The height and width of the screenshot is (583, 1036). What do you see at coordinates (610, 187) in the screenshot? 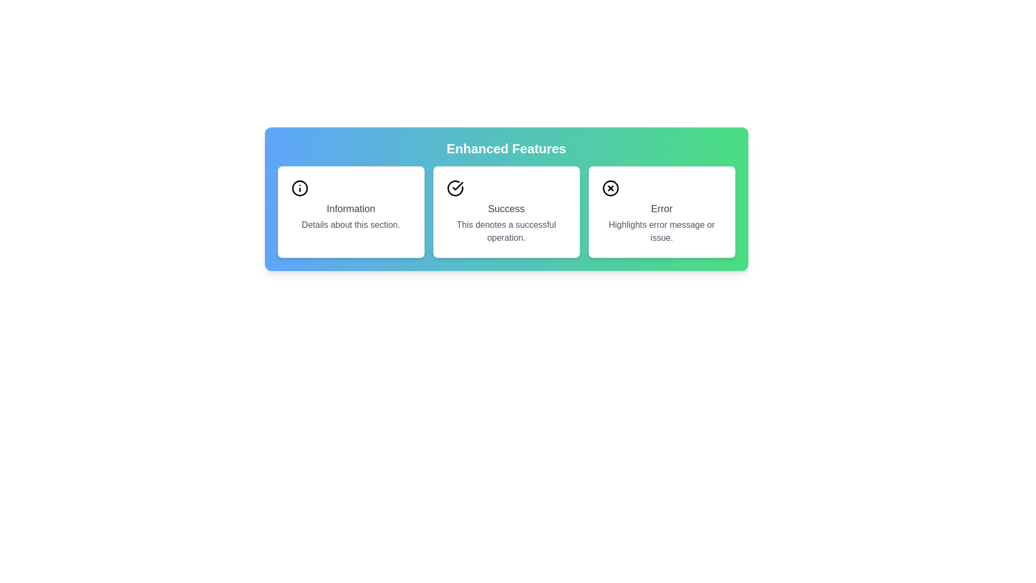
I see `the circular vector graphic element located to the left of the text 'Error' in the rightmost card of the triplet group under 'Enhanced Features'` at bounding box center [610, 187].